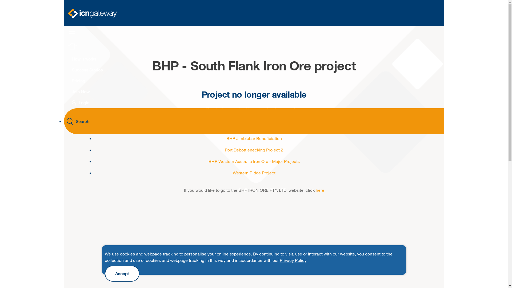  What do you see at coordinates (84, 59) in the screenshot?
I see `'How it works'` at bounding box center [84, 59].